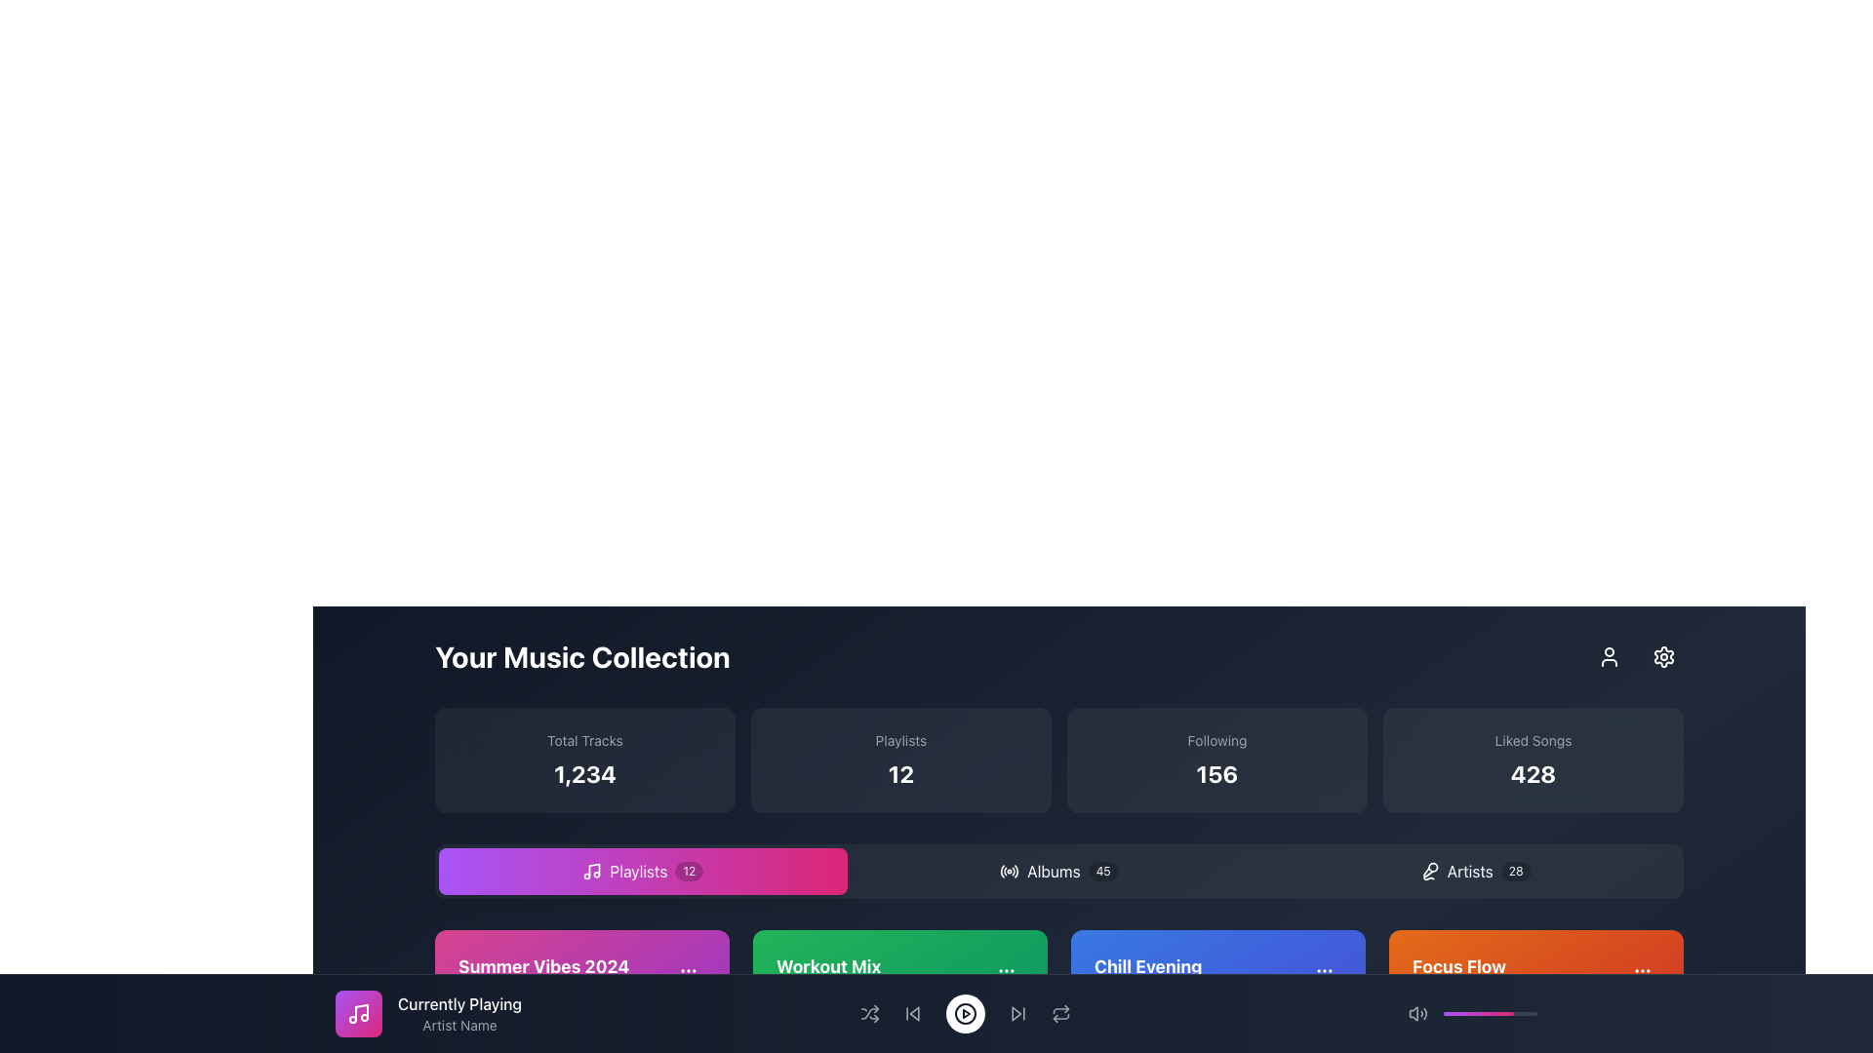  Describe the element at coordinates (965, 1013) in the screenshot. I see `the media play/pause button located at the center of the navigation bar` at that location.